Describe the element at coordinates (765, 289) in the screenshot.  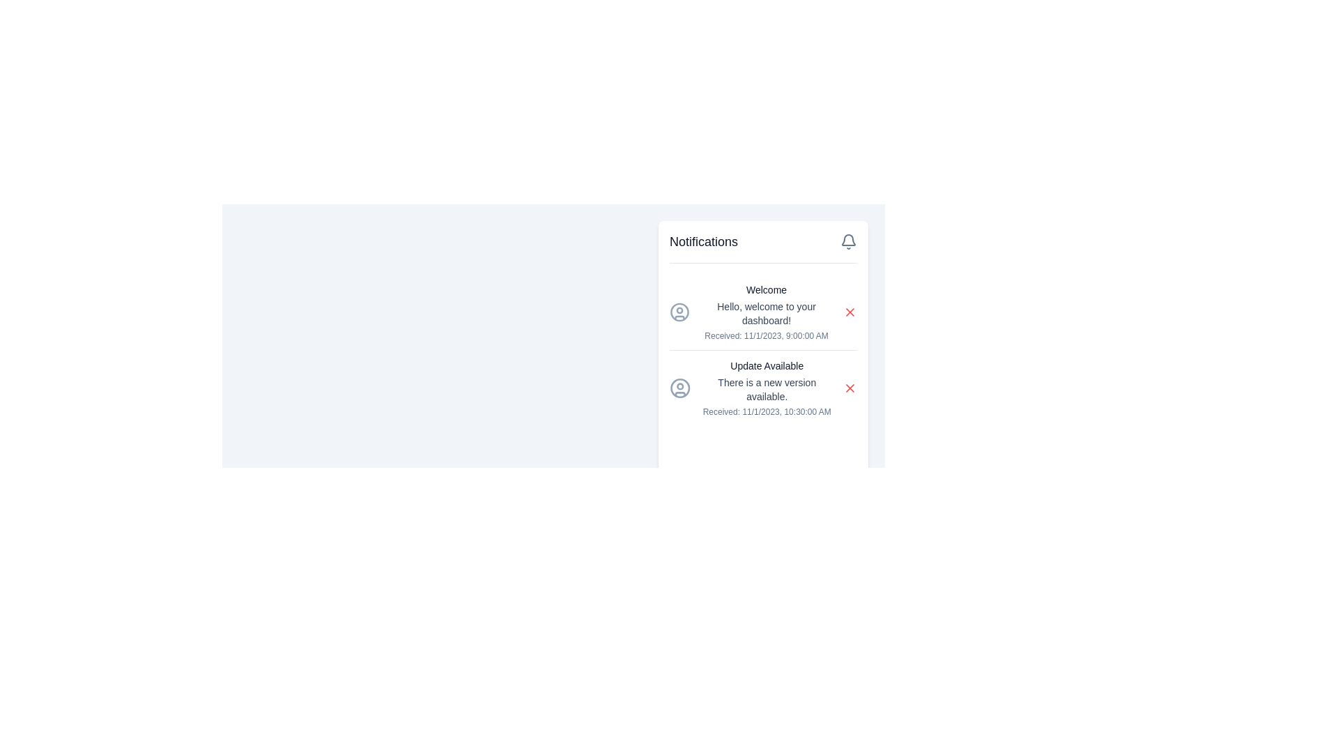
I see `title text located at the top-center of the notification card, which serves as a brief subject or identifier for the message below` at that location.